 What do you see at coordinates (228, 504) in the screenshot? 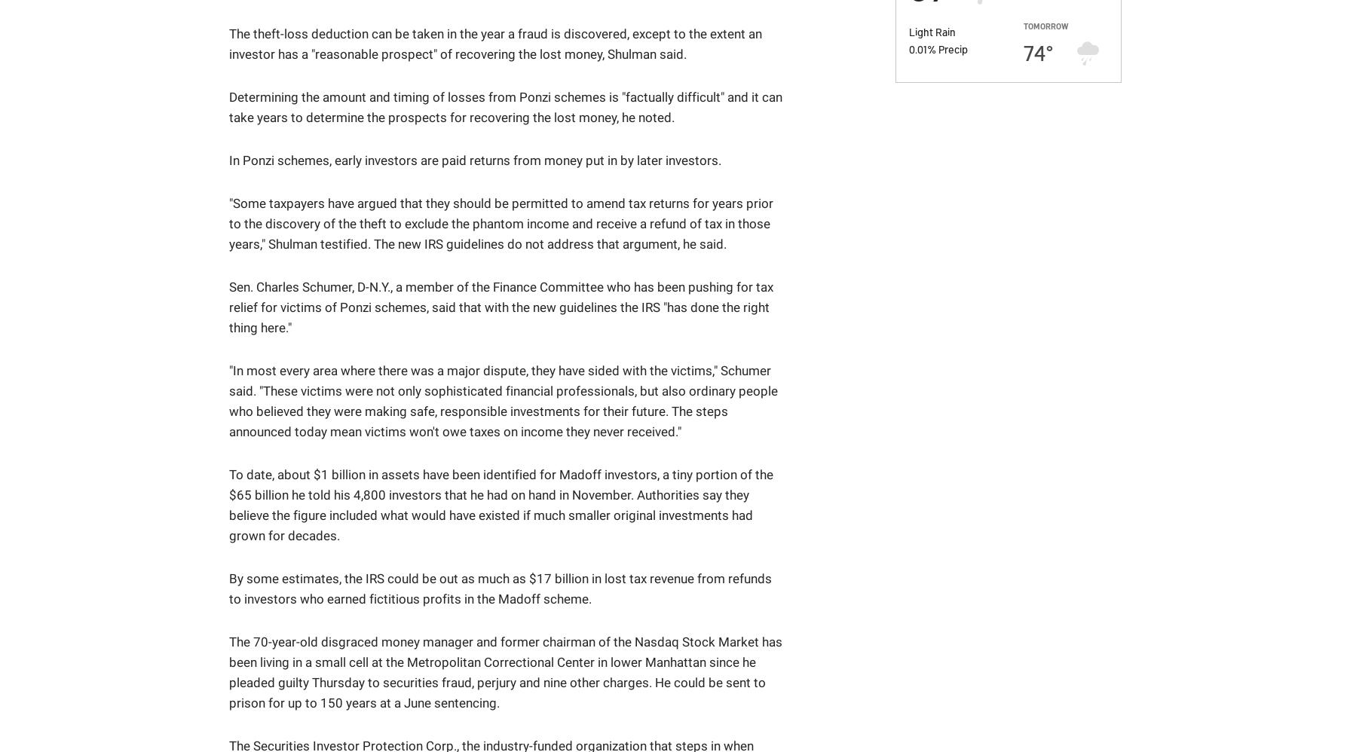
I see `'To date, about $1 billion in assets have been identified for Madoff investors, a tiny portion of the $65 billion he told his 4,800 investors that he had on hand in November. Authorities say they believe the figure included what would have existed if much smaller original investments had grown for decades.'` at bounding box center [228, 504].